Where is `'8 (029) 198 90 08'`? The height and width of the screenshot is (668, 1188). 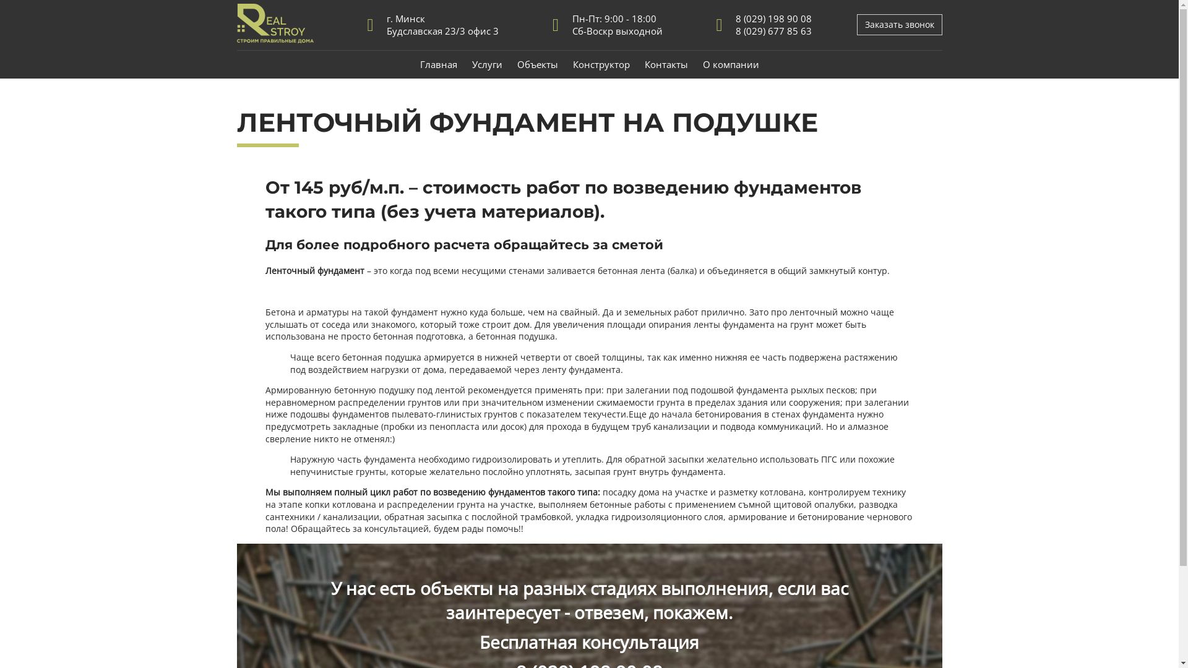
'8 (029) 198 90 08' is located at coordinates (773, 19).